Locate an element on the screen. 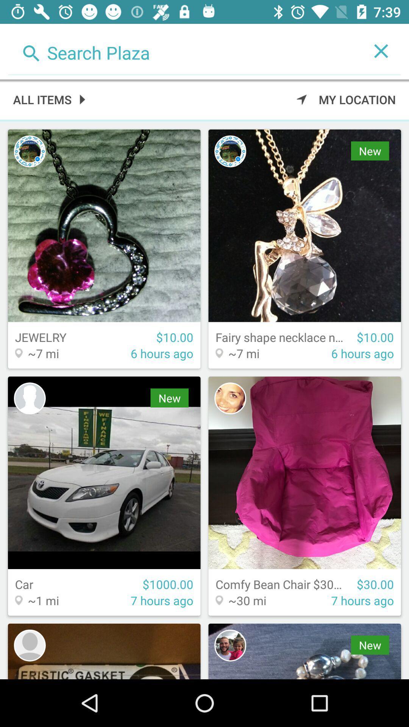 The width and height of the screenshot is (409, 727). my location item is located at coordinates (346, 99).